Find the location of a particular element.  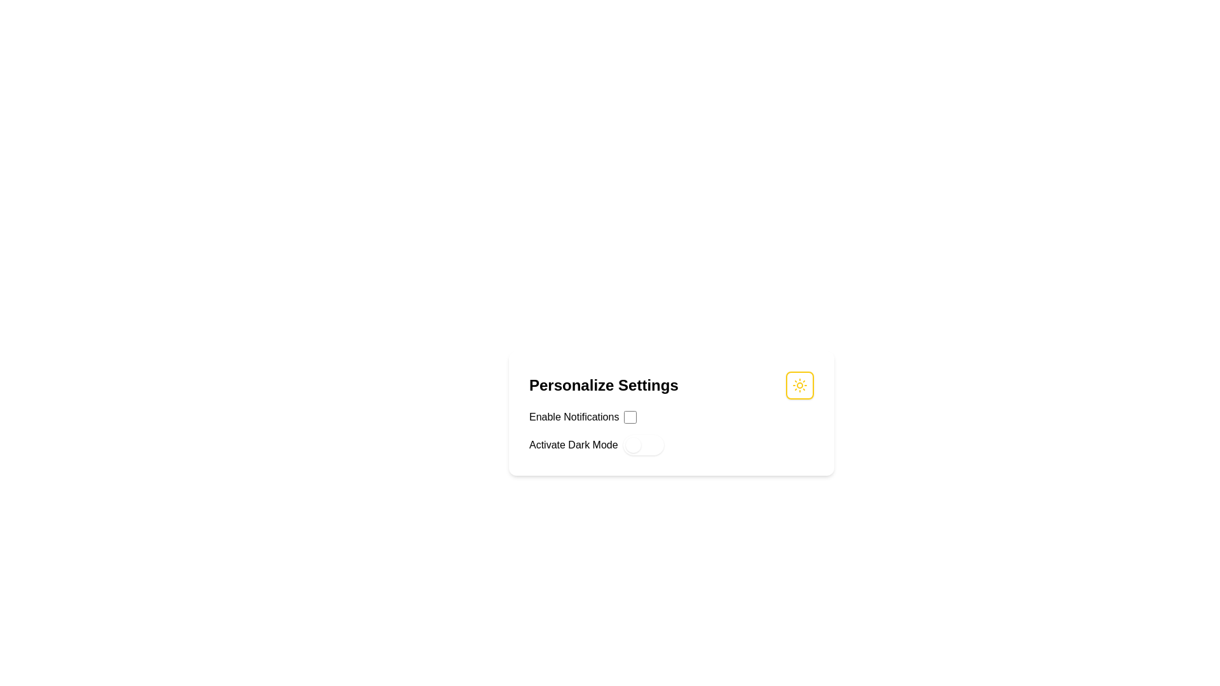

the 'Enable Notifications' text label, which is a black font on a white background located on the left side of a settings panel, adjacent to a checkbox is located at coordinates (573, 417).